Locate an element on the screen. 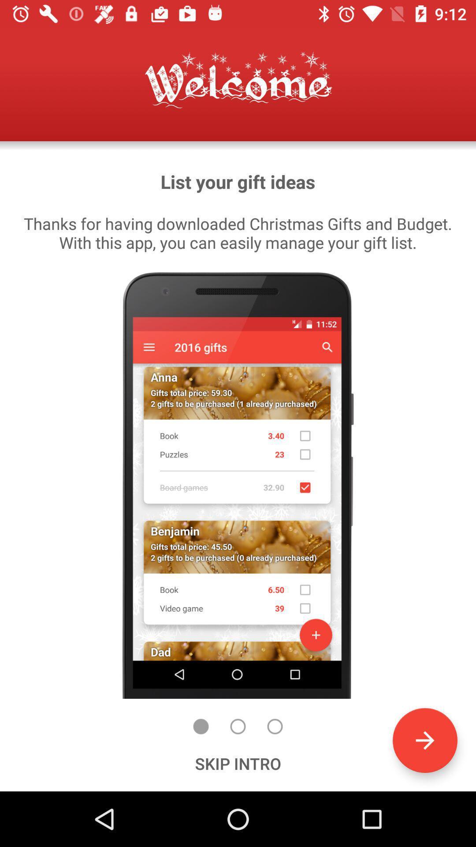 The width and height of the screenshot is (476, 847). the arrow_forward icon is located at coordinates (424, 740).